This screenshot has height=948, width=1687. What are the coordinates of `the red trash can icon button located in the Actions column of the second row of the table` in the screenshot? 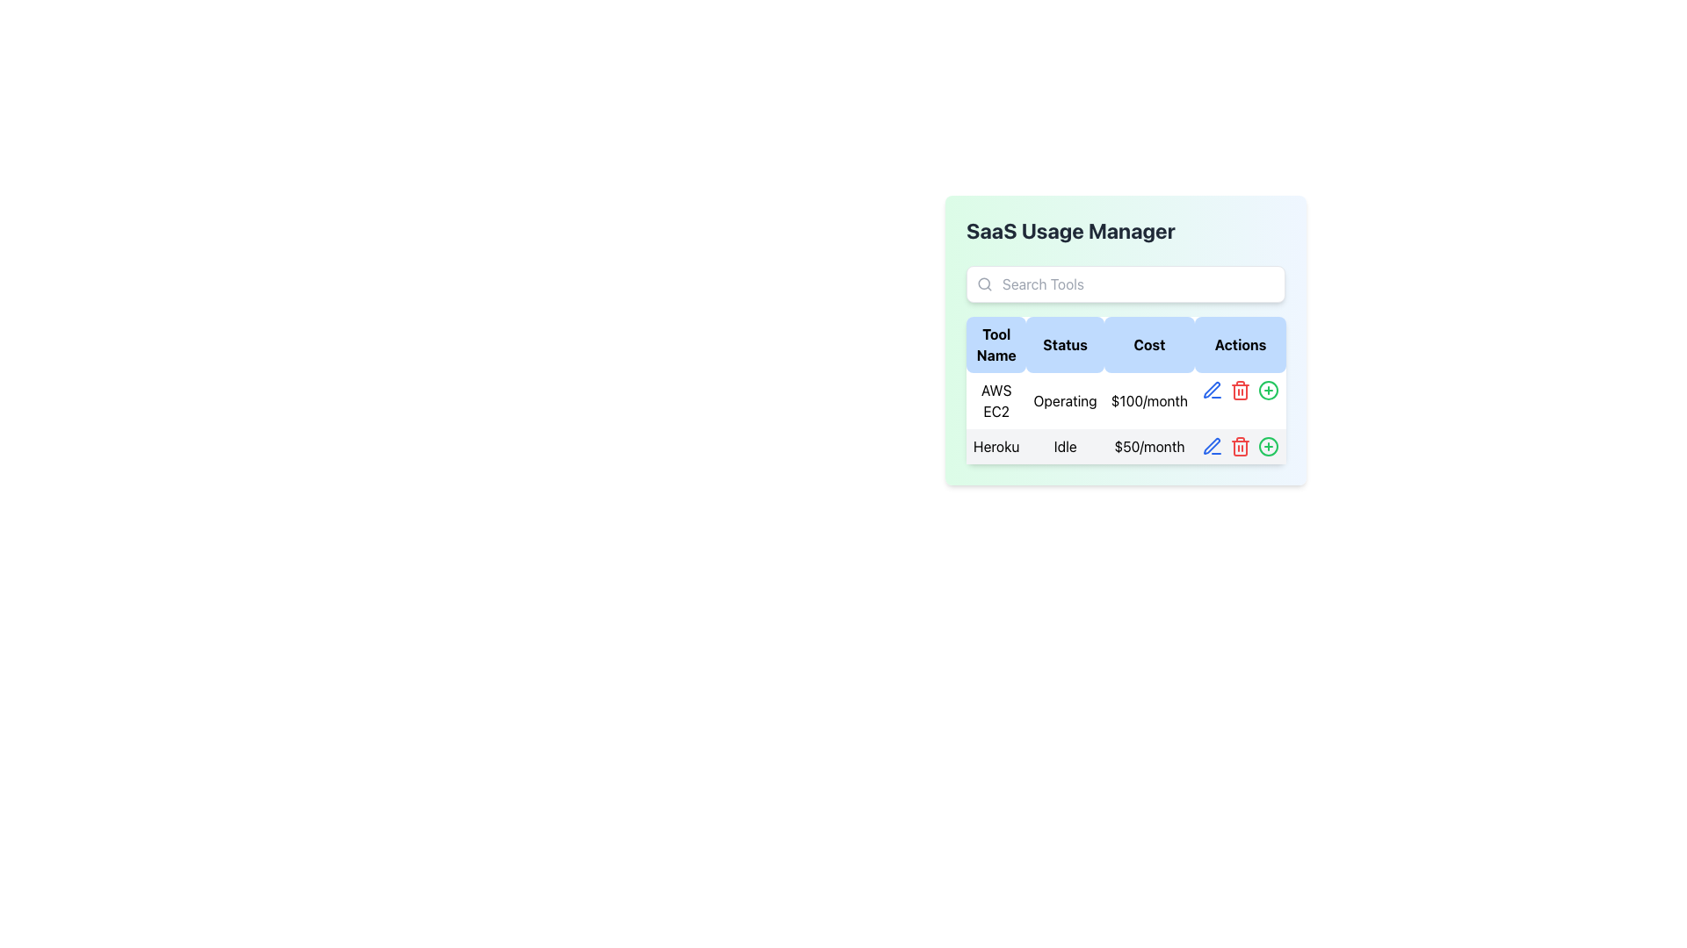 It's located at (1239, 446).